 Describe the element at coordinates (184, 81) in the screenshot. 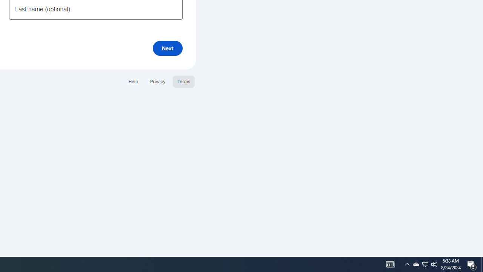

I see `'Terms'` at that location.